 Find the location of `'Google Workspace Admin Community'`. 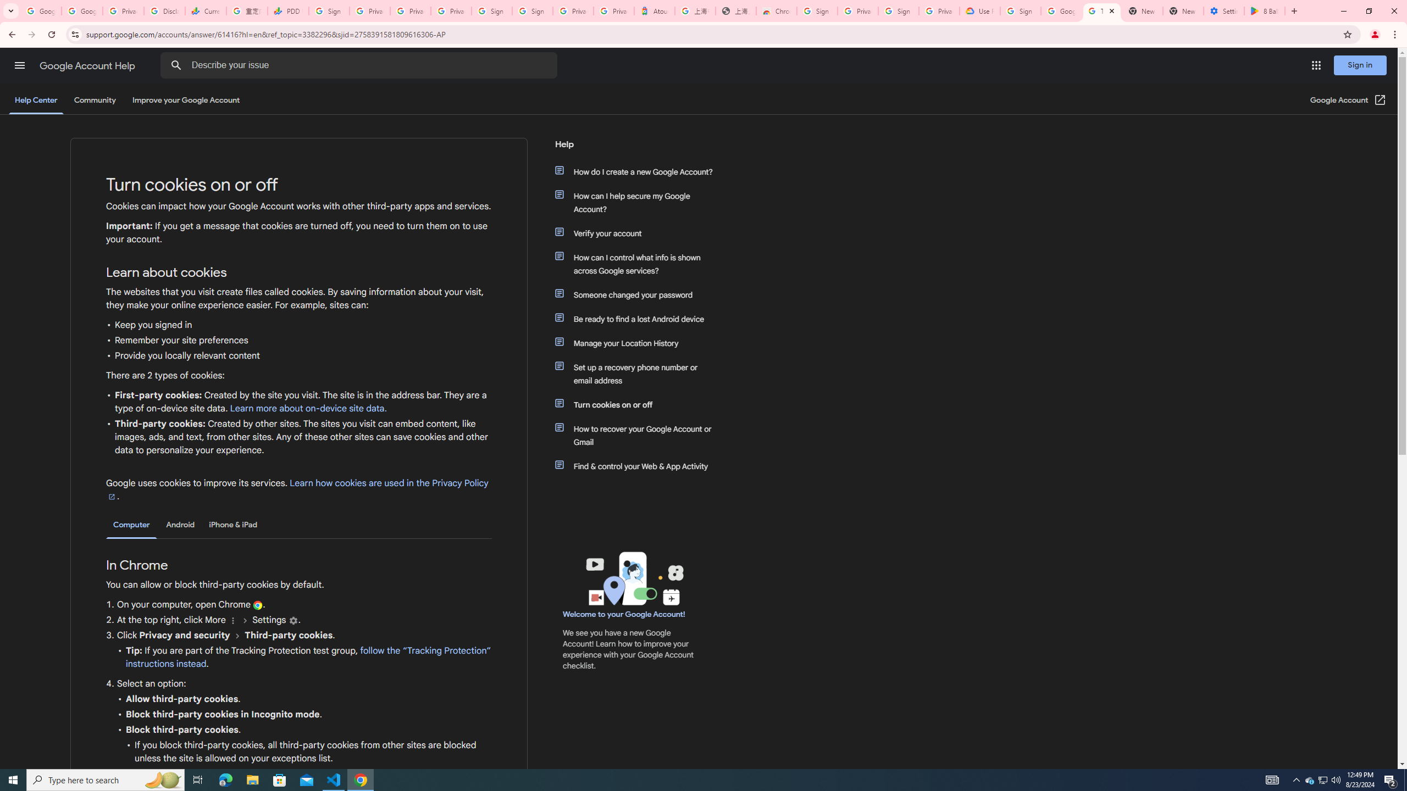

'Google Workspace Admin Community' is located at coordinates (40, 10).